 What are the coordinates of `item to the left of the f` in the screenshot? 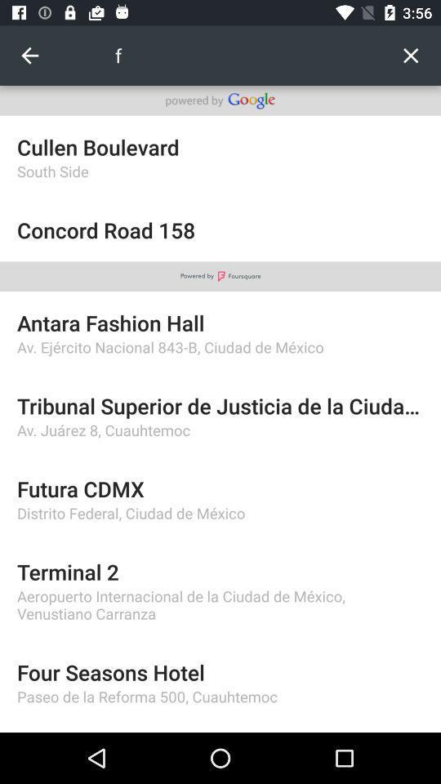 It's located at (29, 56).